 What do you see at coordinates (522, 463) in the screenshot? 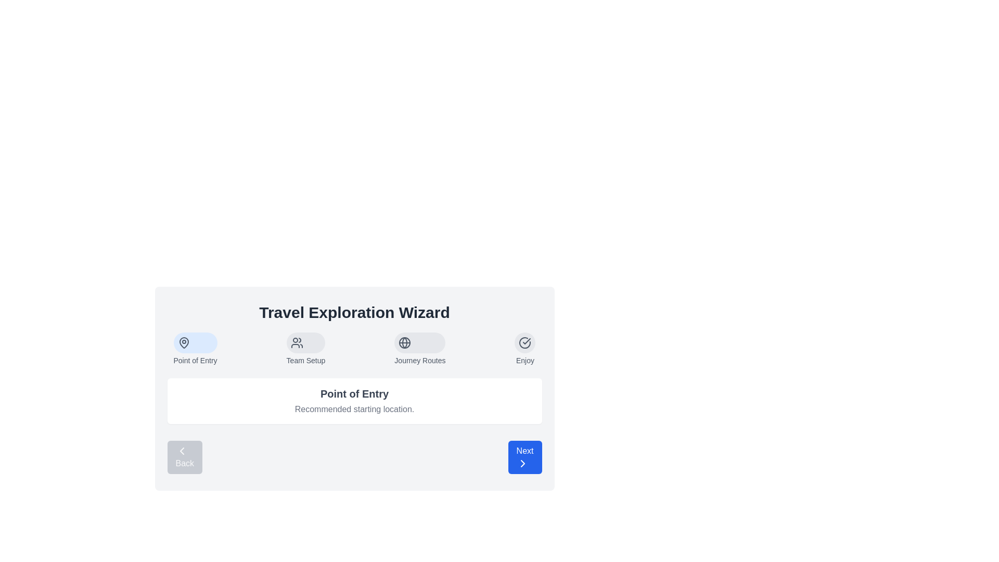
I see `the right-facing chevron icon that is located inside the blue rectangular 'Next' button to proceed` at bounding box center [522, 463].